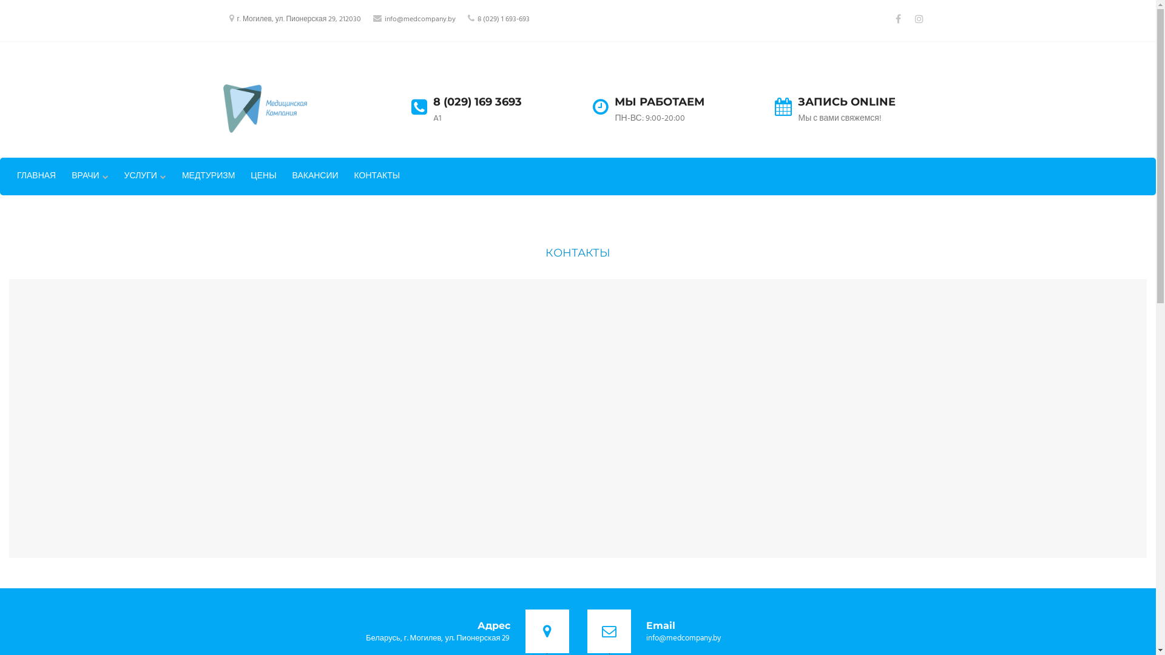 Image resolution: width=1165 pixels, height=655 pixels. Describe the element at coordinates (891, 19) in the screenshot. I see `'Facebook'` at that location.